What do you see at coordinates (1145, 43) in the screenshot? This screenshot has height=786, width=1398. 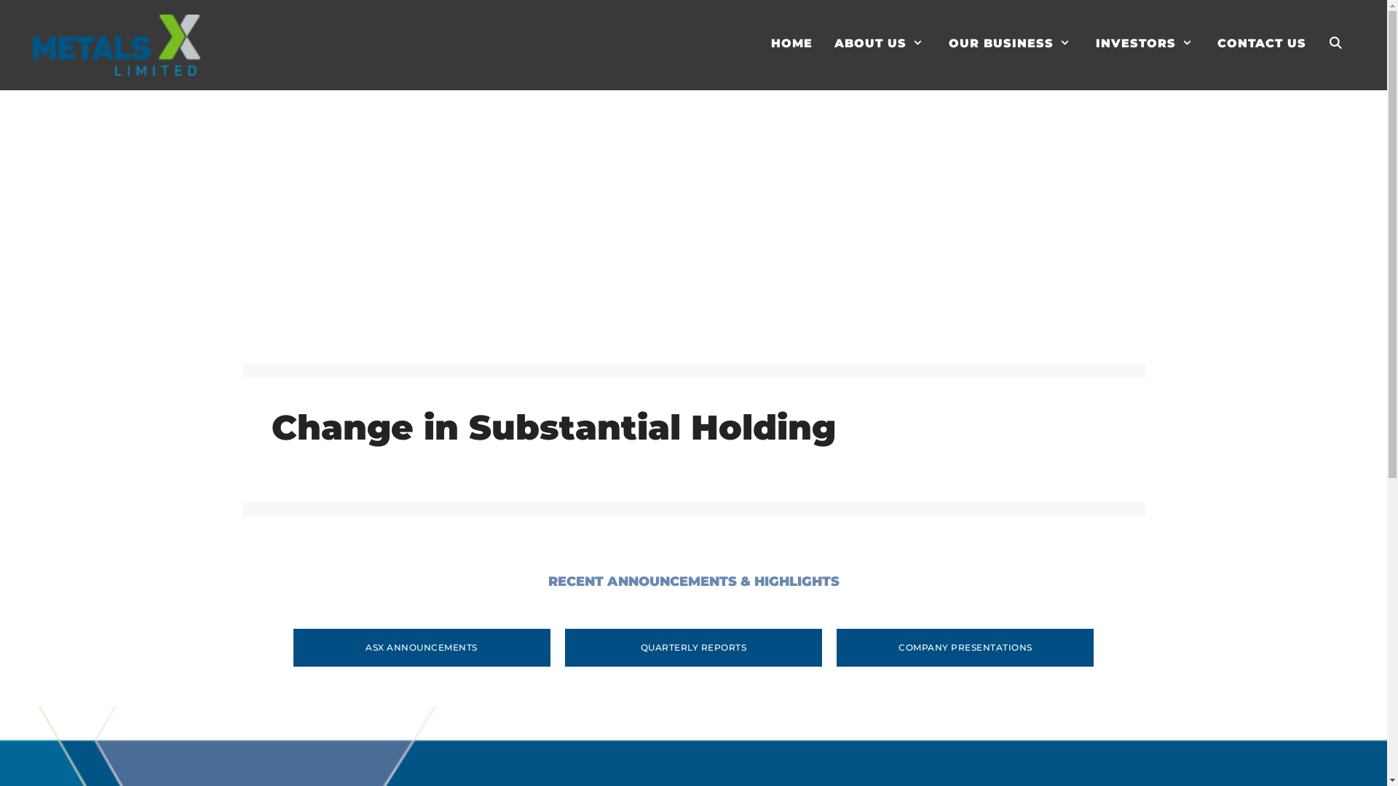 I see `'INVESTORS'` at bounding box center [1145, 43].